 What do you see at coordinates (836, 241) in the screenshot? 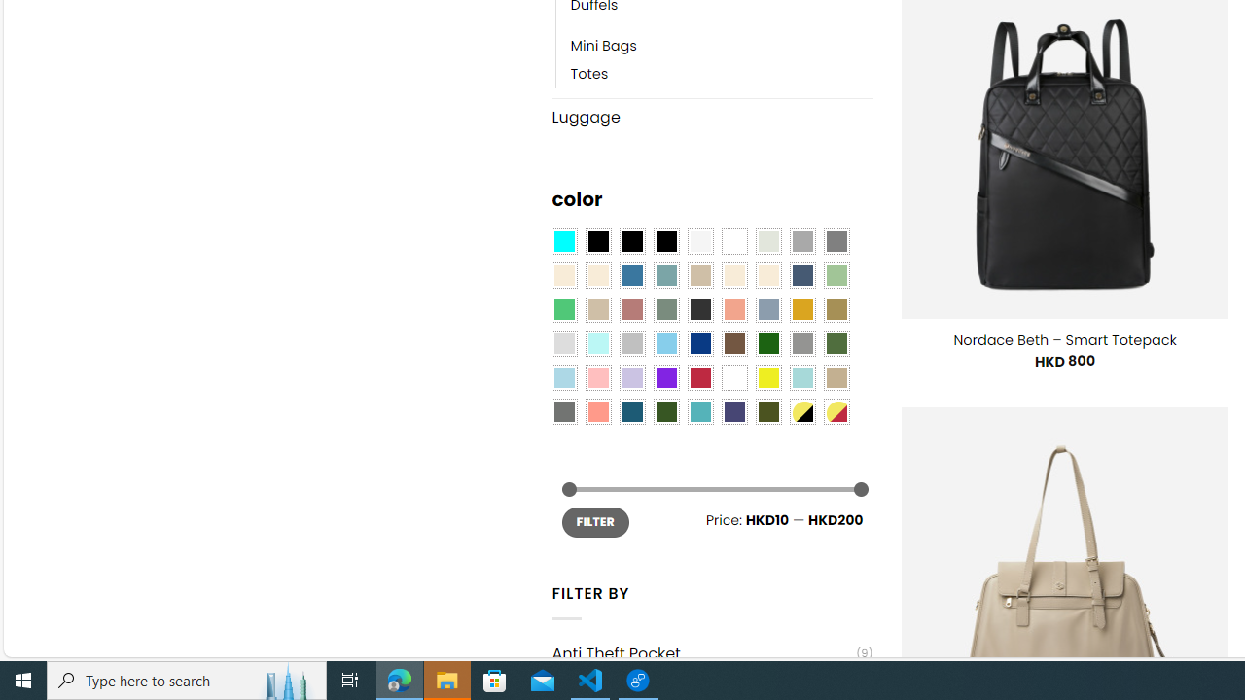
I see `'All Gray'` at bounding box center [836, 241].